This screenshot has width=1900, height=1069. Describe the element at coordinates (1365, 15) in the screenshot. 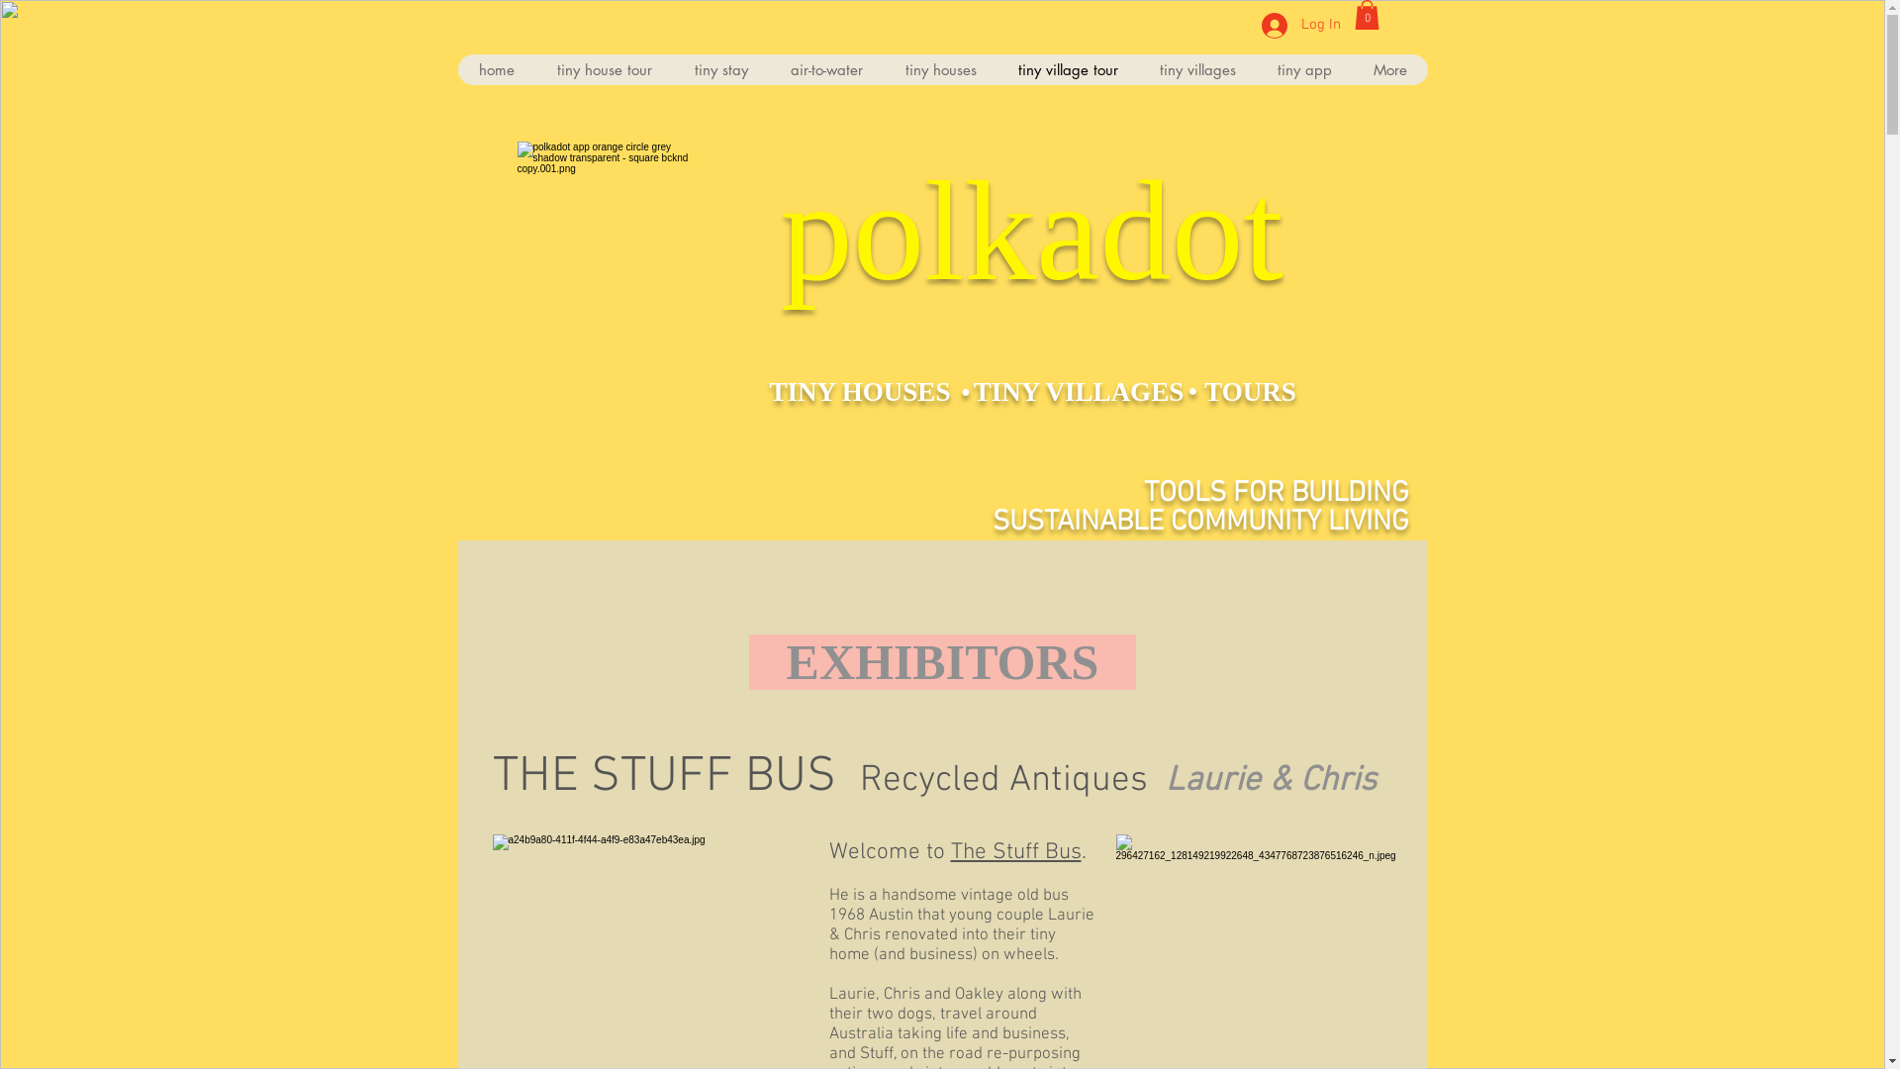

I see `'0'` at that location.